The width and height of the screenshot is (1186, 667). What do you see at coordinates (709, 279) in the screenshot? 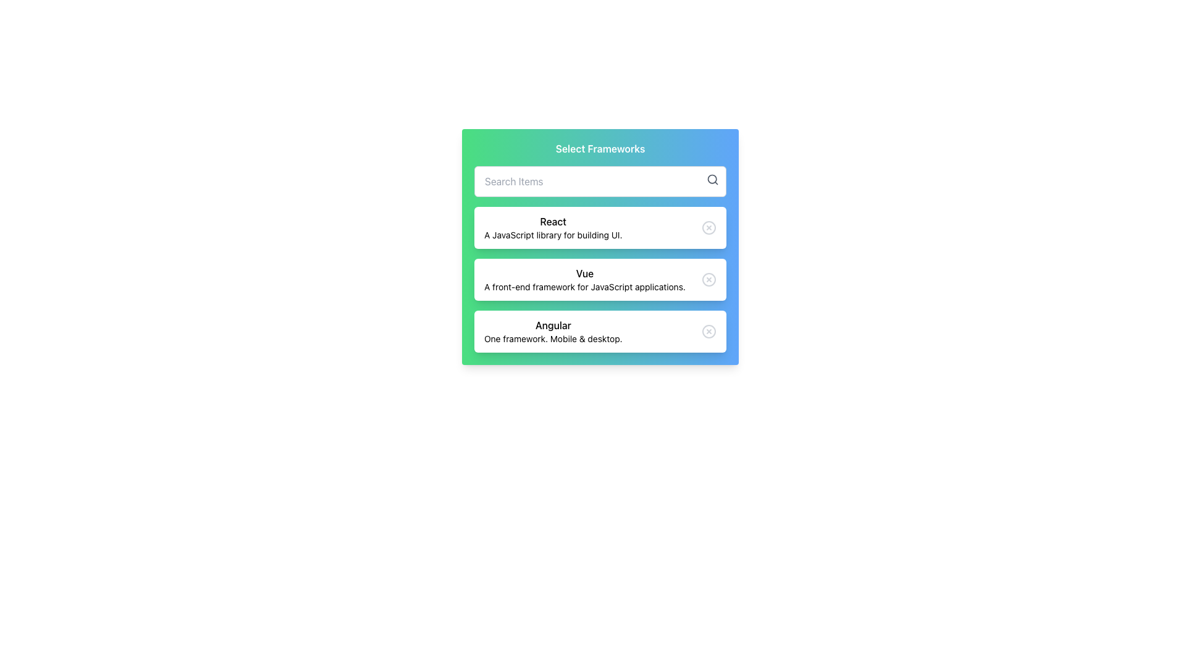
I see `the circular icon with a slightly filled border located in the rightmost section of the second list item in a vertically aligned list of selectable items` at bounding box center [709, 279].